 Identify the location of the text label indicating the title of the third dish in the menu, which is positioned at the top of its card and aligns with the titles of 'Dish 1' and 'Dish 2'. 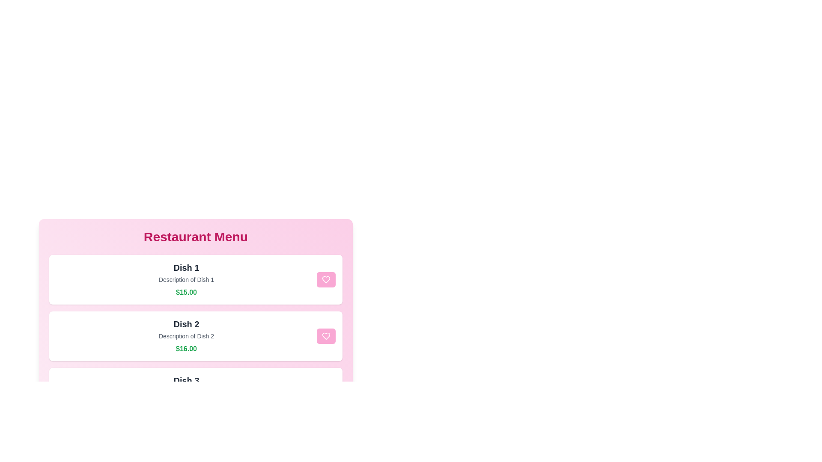
(186, 380).